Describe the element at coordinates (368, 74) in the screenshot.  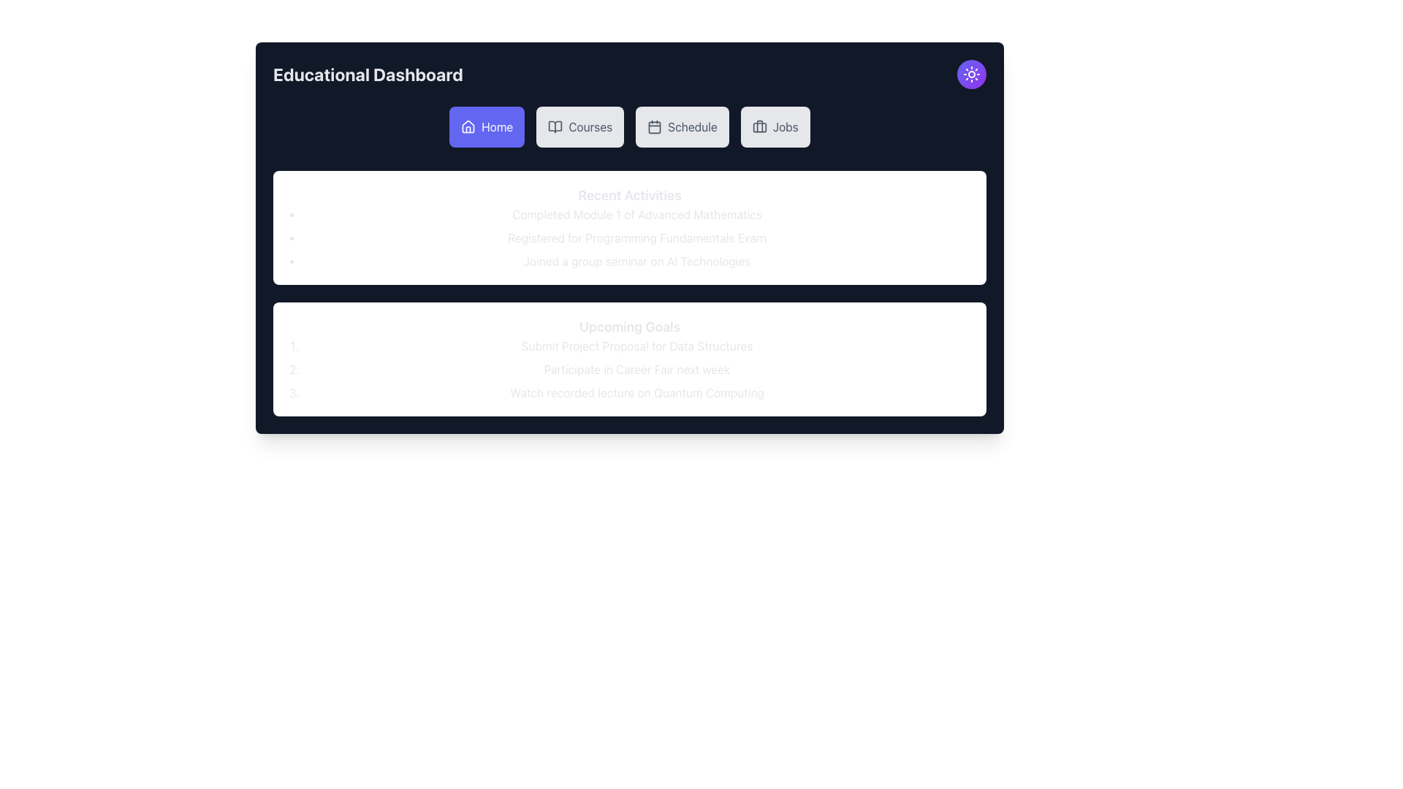
I see `the educational title Text Label located at the top-left corner of the header bar, which serves as the primary heading for the dashboard` at that location.